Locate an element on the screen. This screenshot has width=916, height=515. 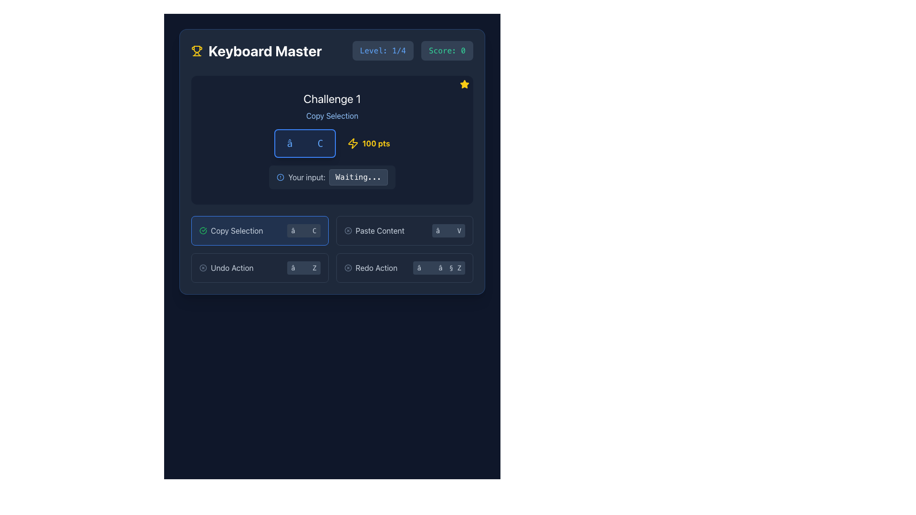
the informational display button labeled 'Redo Action' with a dark slate-colored background located in the bottom-right cell of the grid layout is located at coordinates (405, 268).